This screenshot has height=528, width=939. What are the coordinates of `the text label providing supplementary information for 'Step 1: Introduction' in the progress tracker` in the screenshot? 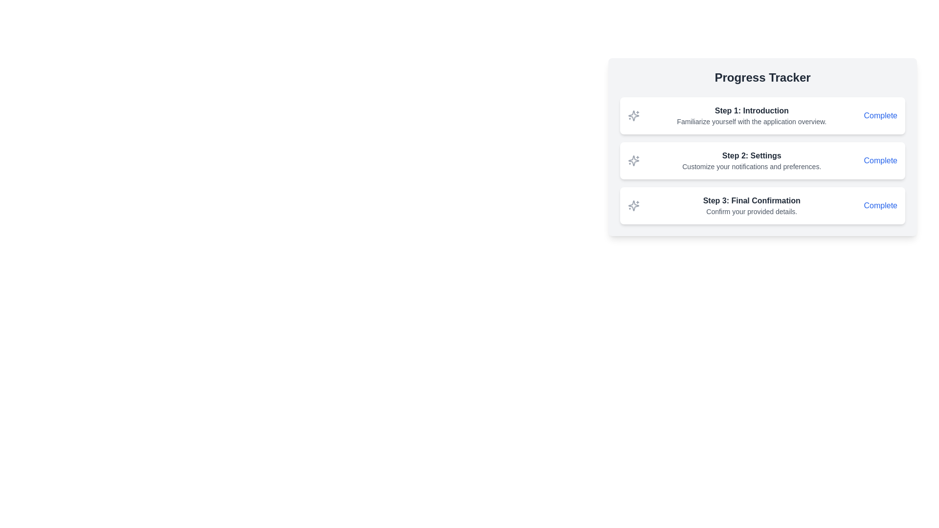 It's located at (751, 121).